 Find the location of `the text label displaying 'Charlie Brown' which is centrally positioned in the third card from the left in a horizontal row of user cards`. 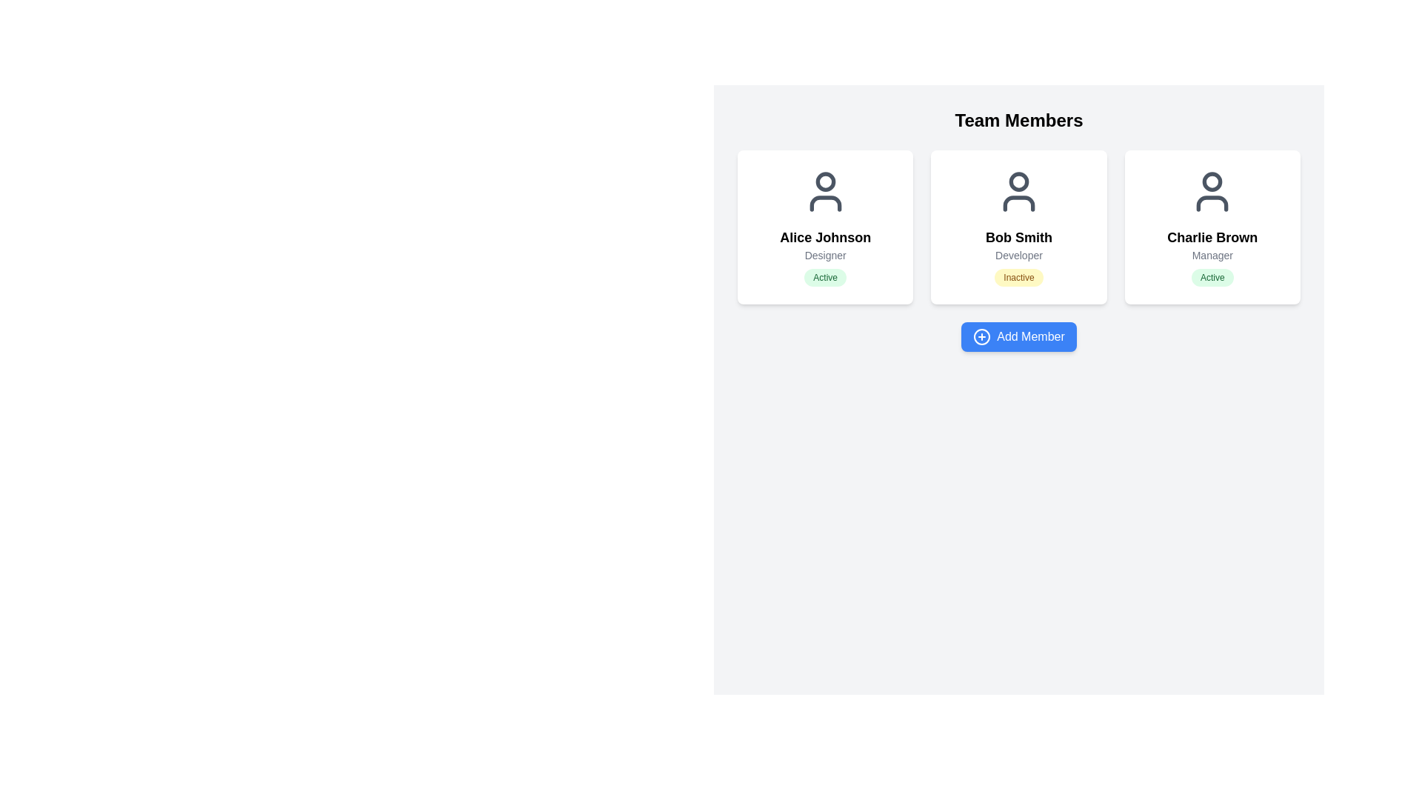

the text label displaying 'Charlie Brown' which is centrally positioned in the third card from the left in a horizontal row of user cards is located at coordinates (1212, 236).